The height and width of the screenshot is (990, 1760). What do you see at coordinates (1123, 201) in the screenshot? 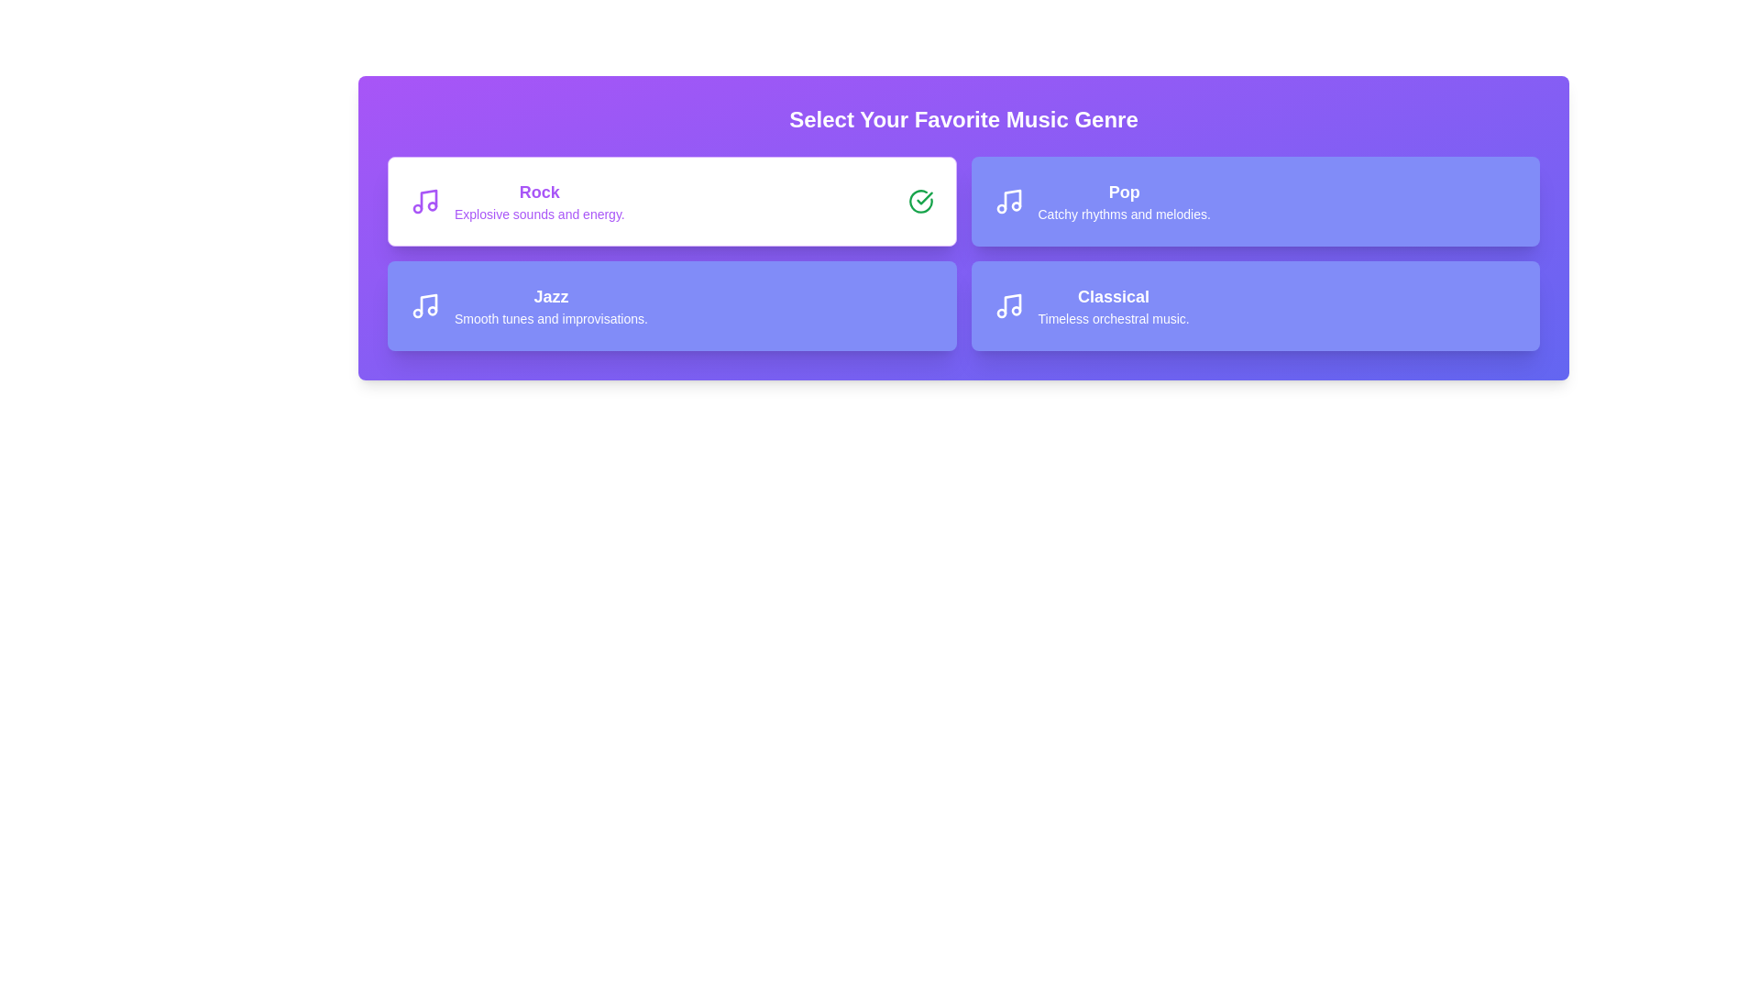
I see `the text block displaying the title and description for the Pop genre` at bounding box center [1123, 201].